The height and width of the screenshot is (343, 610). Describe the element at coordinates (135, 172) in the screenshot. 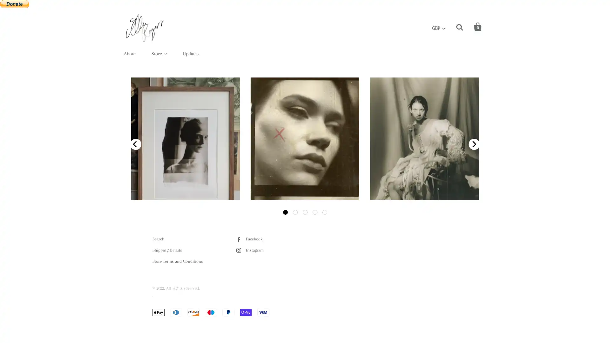

I see `previous` at that location.